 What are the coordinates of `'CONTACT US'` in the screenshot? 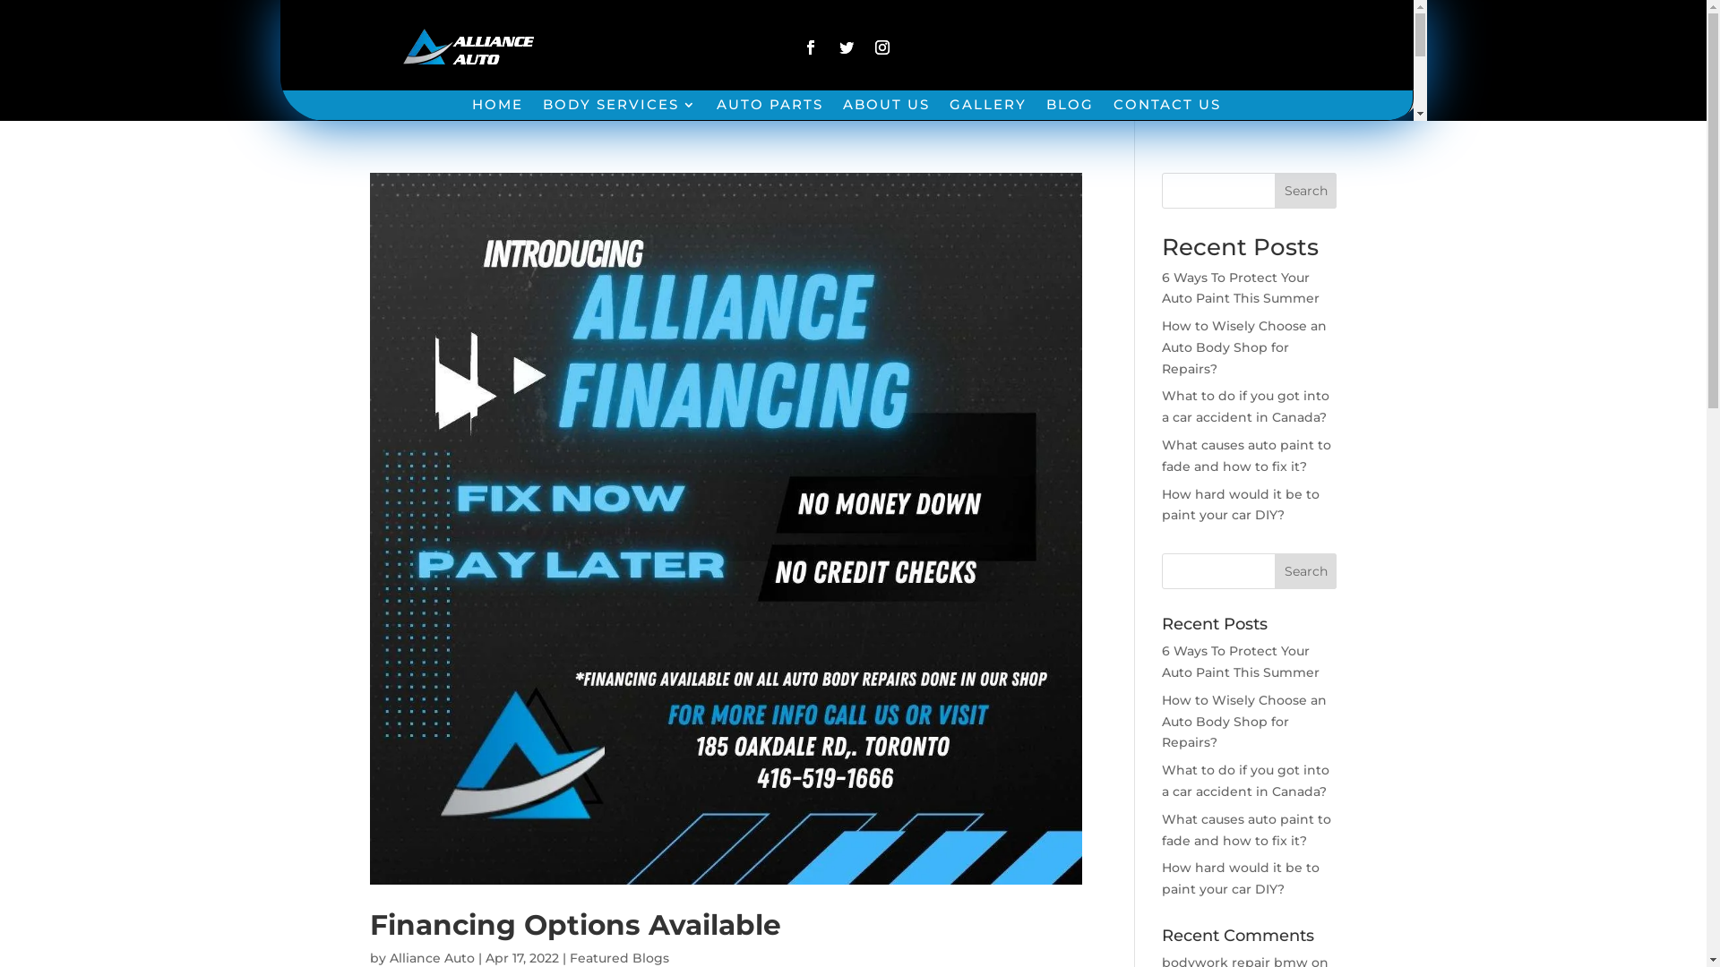 It's located at (1166, 108).